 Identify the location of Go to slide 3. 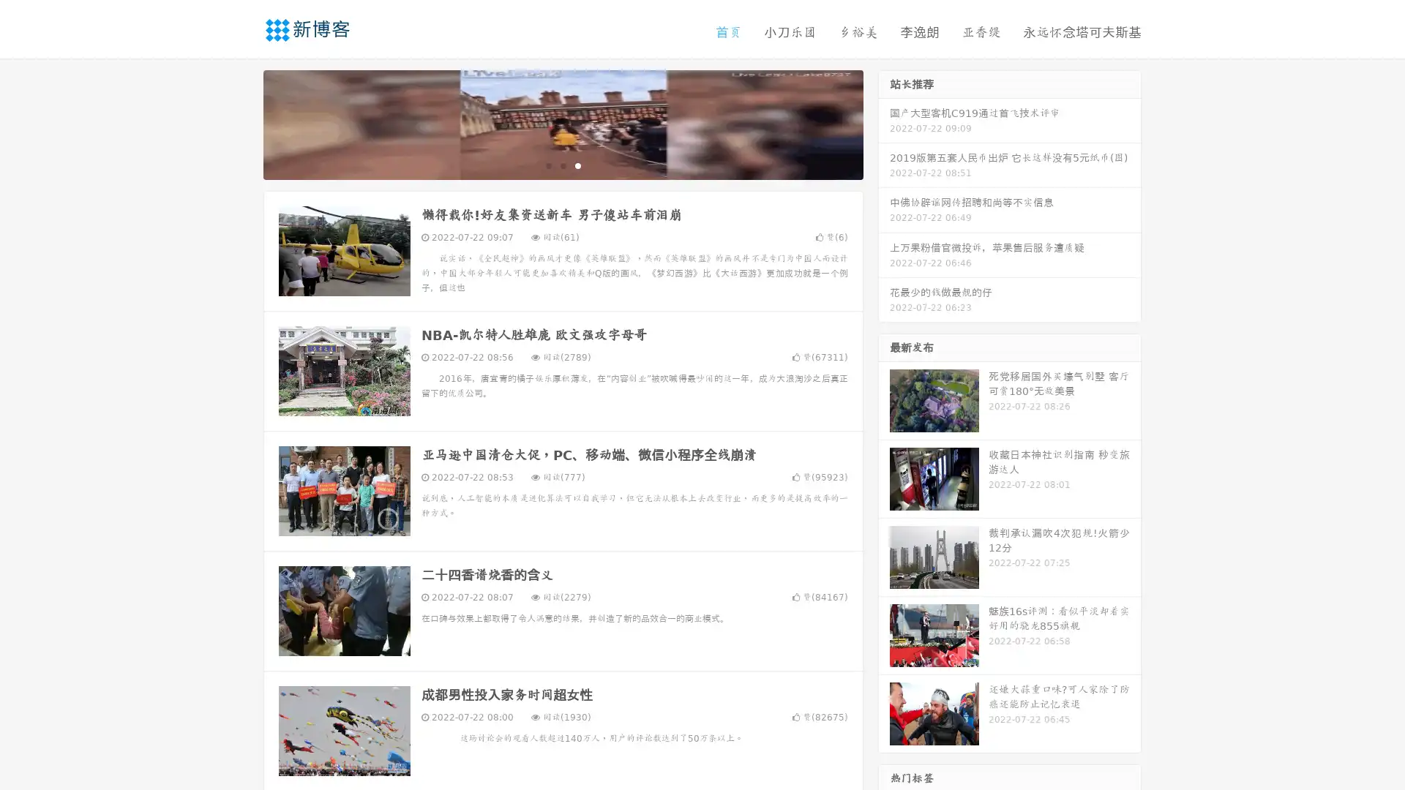
(577, 165).